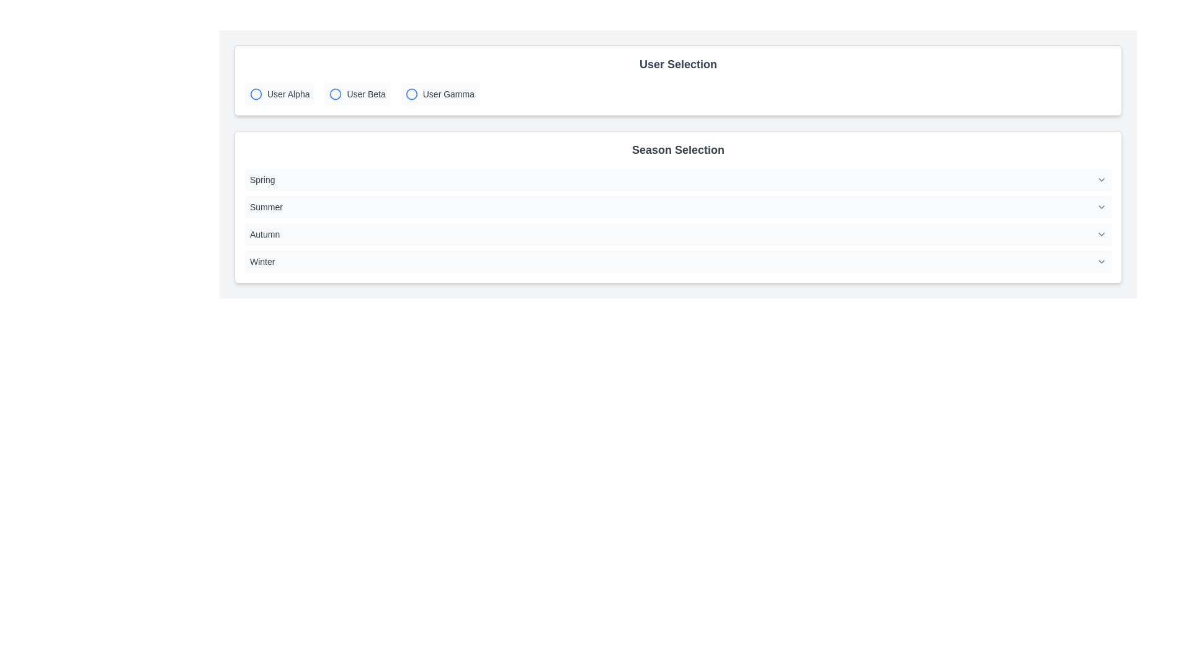 The height and width of the screenshot is (670, 1191). Describe the element at coordinates (1102, 261) in the screenshot. I see `the chevron icon located at the far right of the 'Winter' row in the 'Season Selection' section` at that location.